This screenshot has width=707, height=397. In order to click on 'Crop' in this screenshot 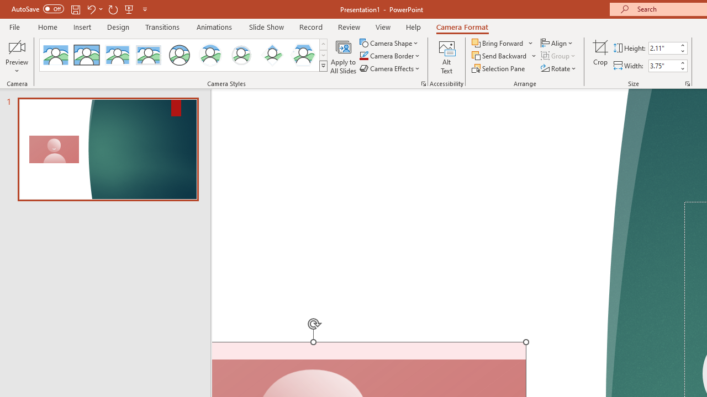, I will do `click(600, 57)`.